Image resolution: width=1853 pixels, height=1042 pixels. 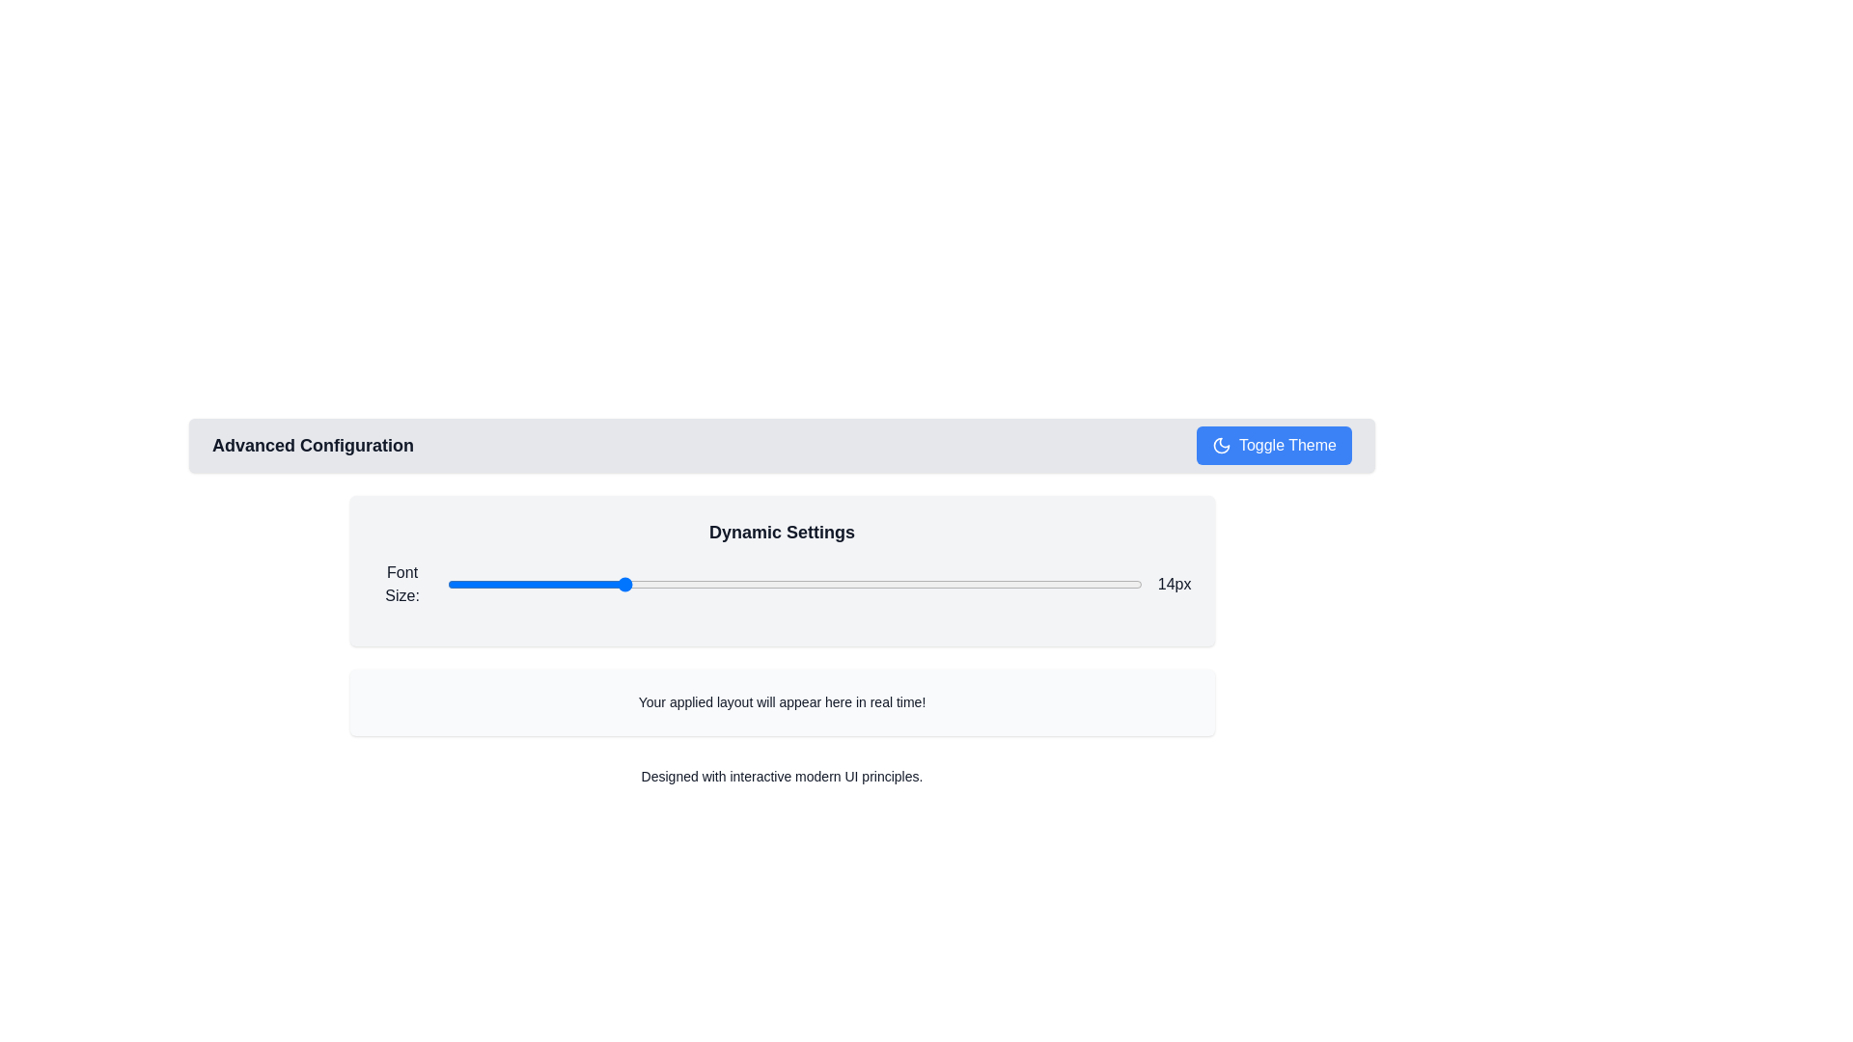 What do you see at coordinates (794, 583) in the screenshot?
I see `the font size` at bounding box center [794, 583].